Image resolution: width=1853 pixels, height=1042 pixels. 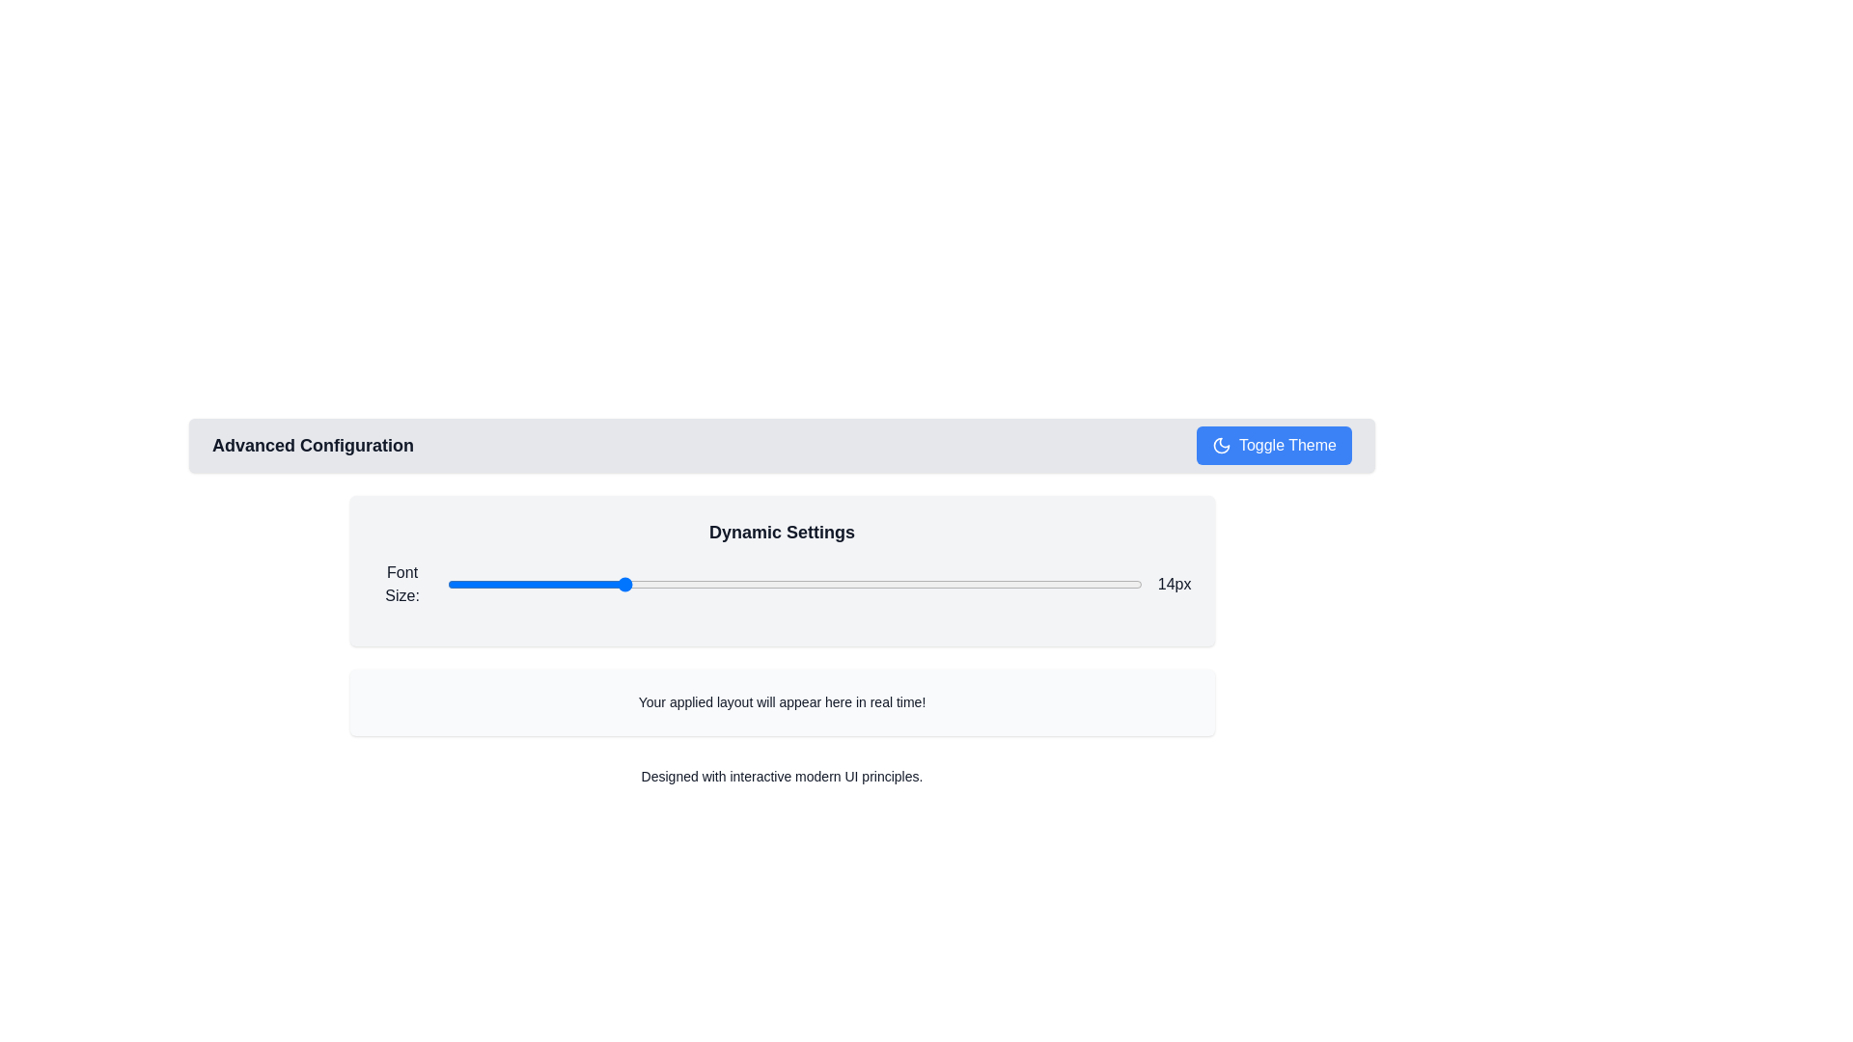 What do you see at coordinates (794, 583) in the screenshot?
I see `the font size` at bounding box center [794, 583].